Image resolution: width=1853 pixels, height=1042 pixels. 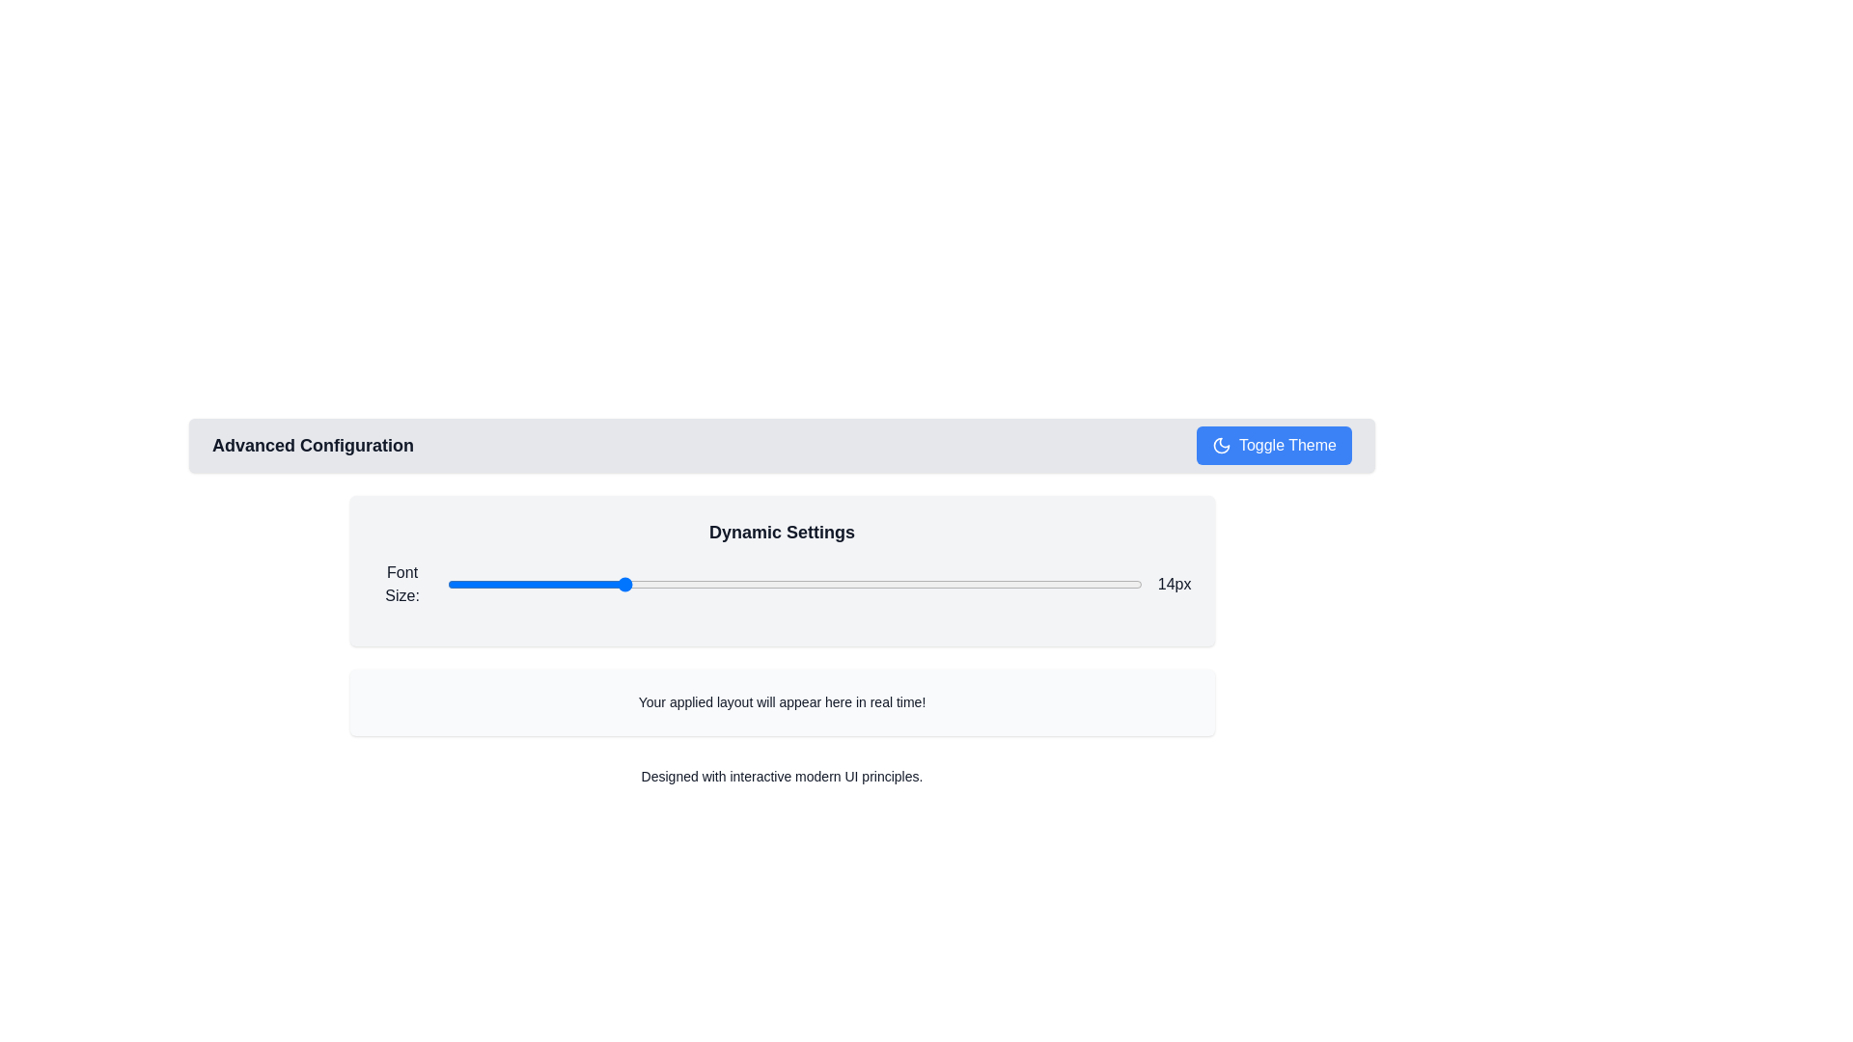 What do you see at coordinates (794, 583) in the screenshot?
I see `the font size` at bounding box center [794, 583].